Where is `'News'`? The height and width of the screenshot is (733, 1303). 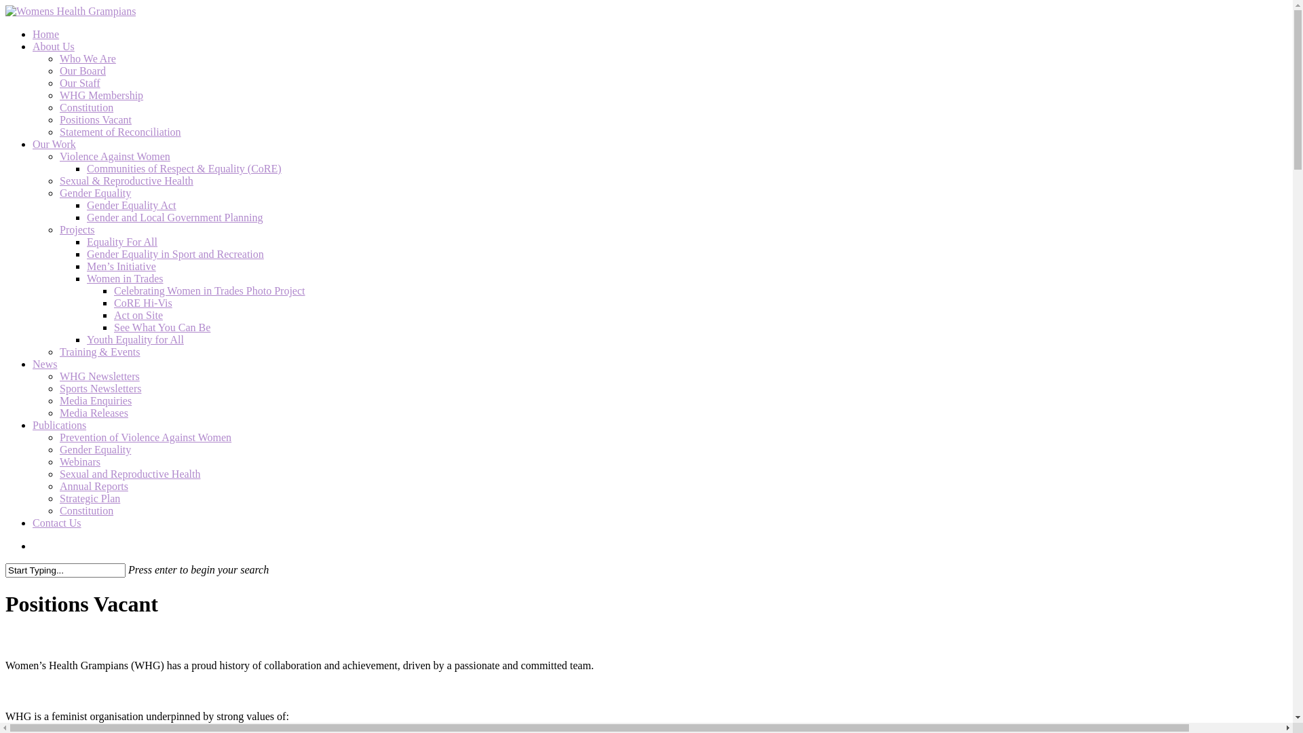 'News' is located at coordinates (45, 363).